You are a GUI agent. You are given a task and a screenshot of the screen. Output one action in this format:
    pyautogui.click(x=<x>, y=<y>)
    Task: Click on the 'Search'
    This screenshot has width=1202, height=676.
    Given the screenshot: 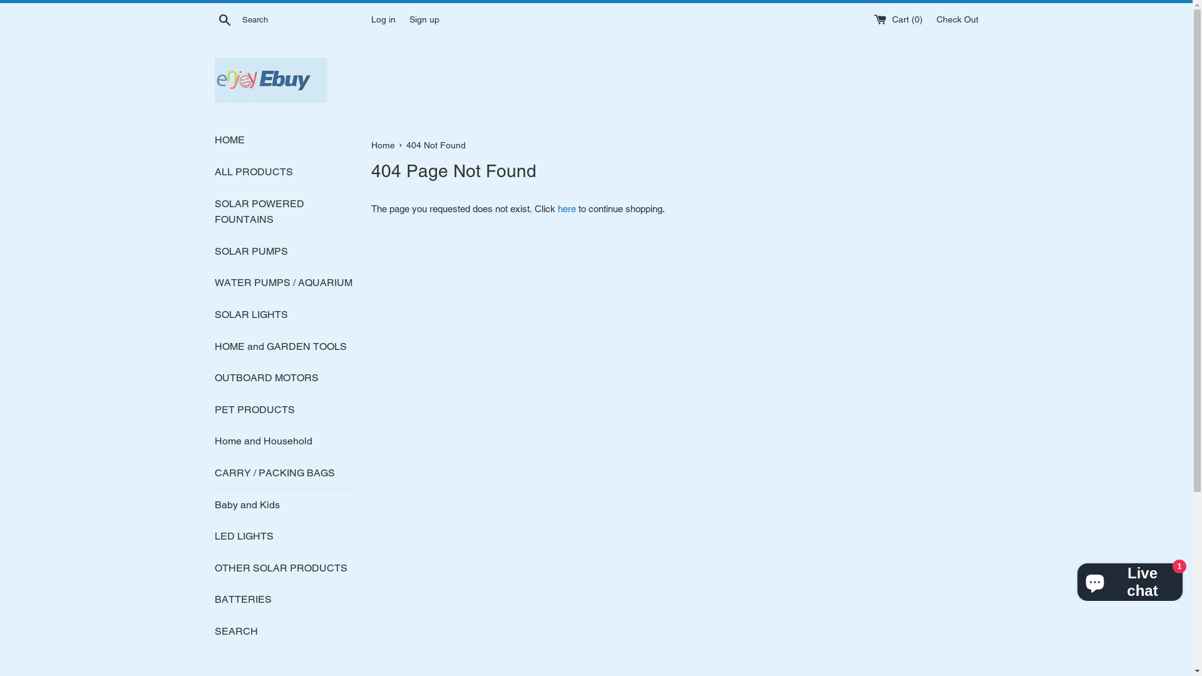 What is the action you would take?
    pyautogui.click(x=224, y=19)
    